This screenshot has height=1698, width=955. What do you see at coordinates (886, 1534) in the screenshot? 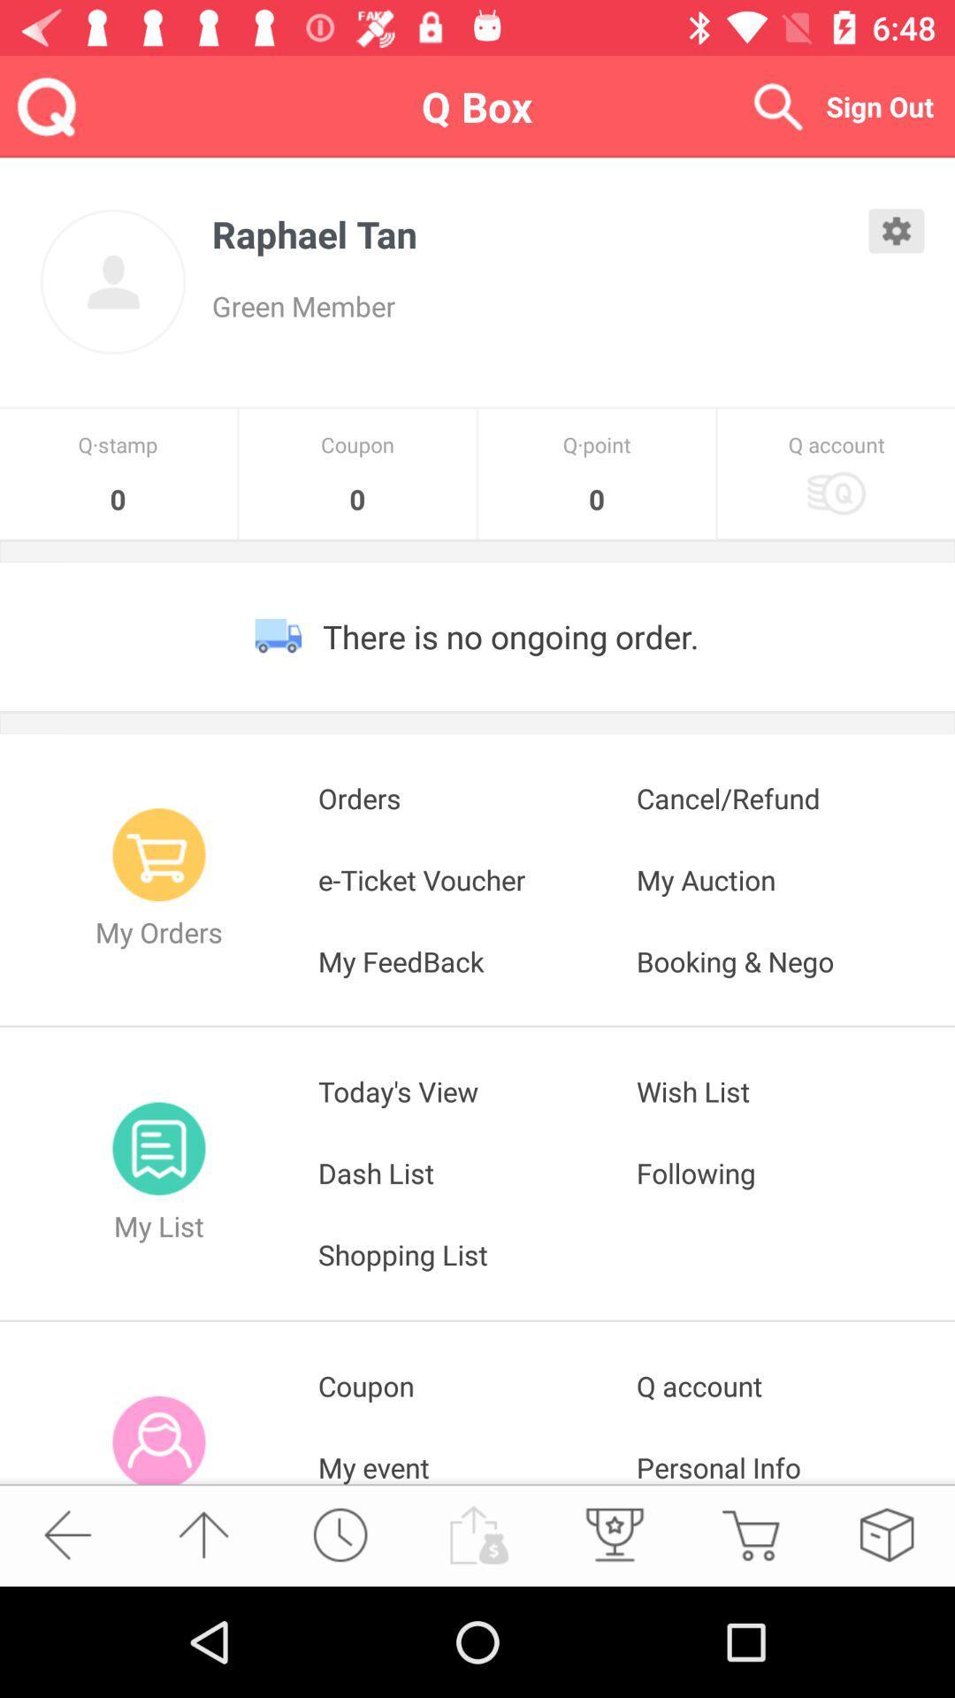
I see `click for wishlist` at bounding box center [886, 1534].